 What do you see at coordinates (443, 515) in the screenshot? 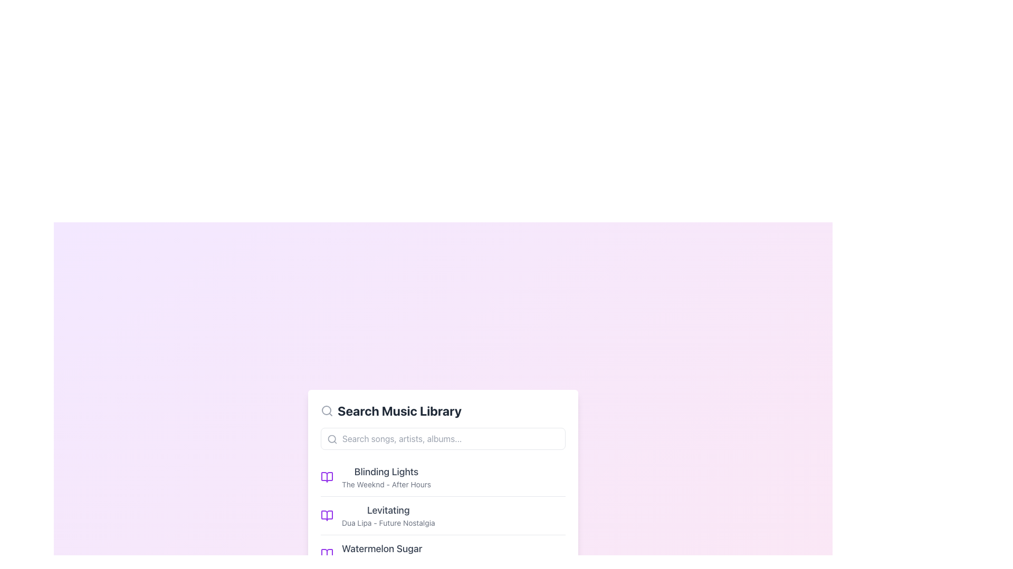
I see `the second selectable list item for the song 'Levitating' by Dua Lipa to trigger the hover effect` at bounding box center [443, 515].